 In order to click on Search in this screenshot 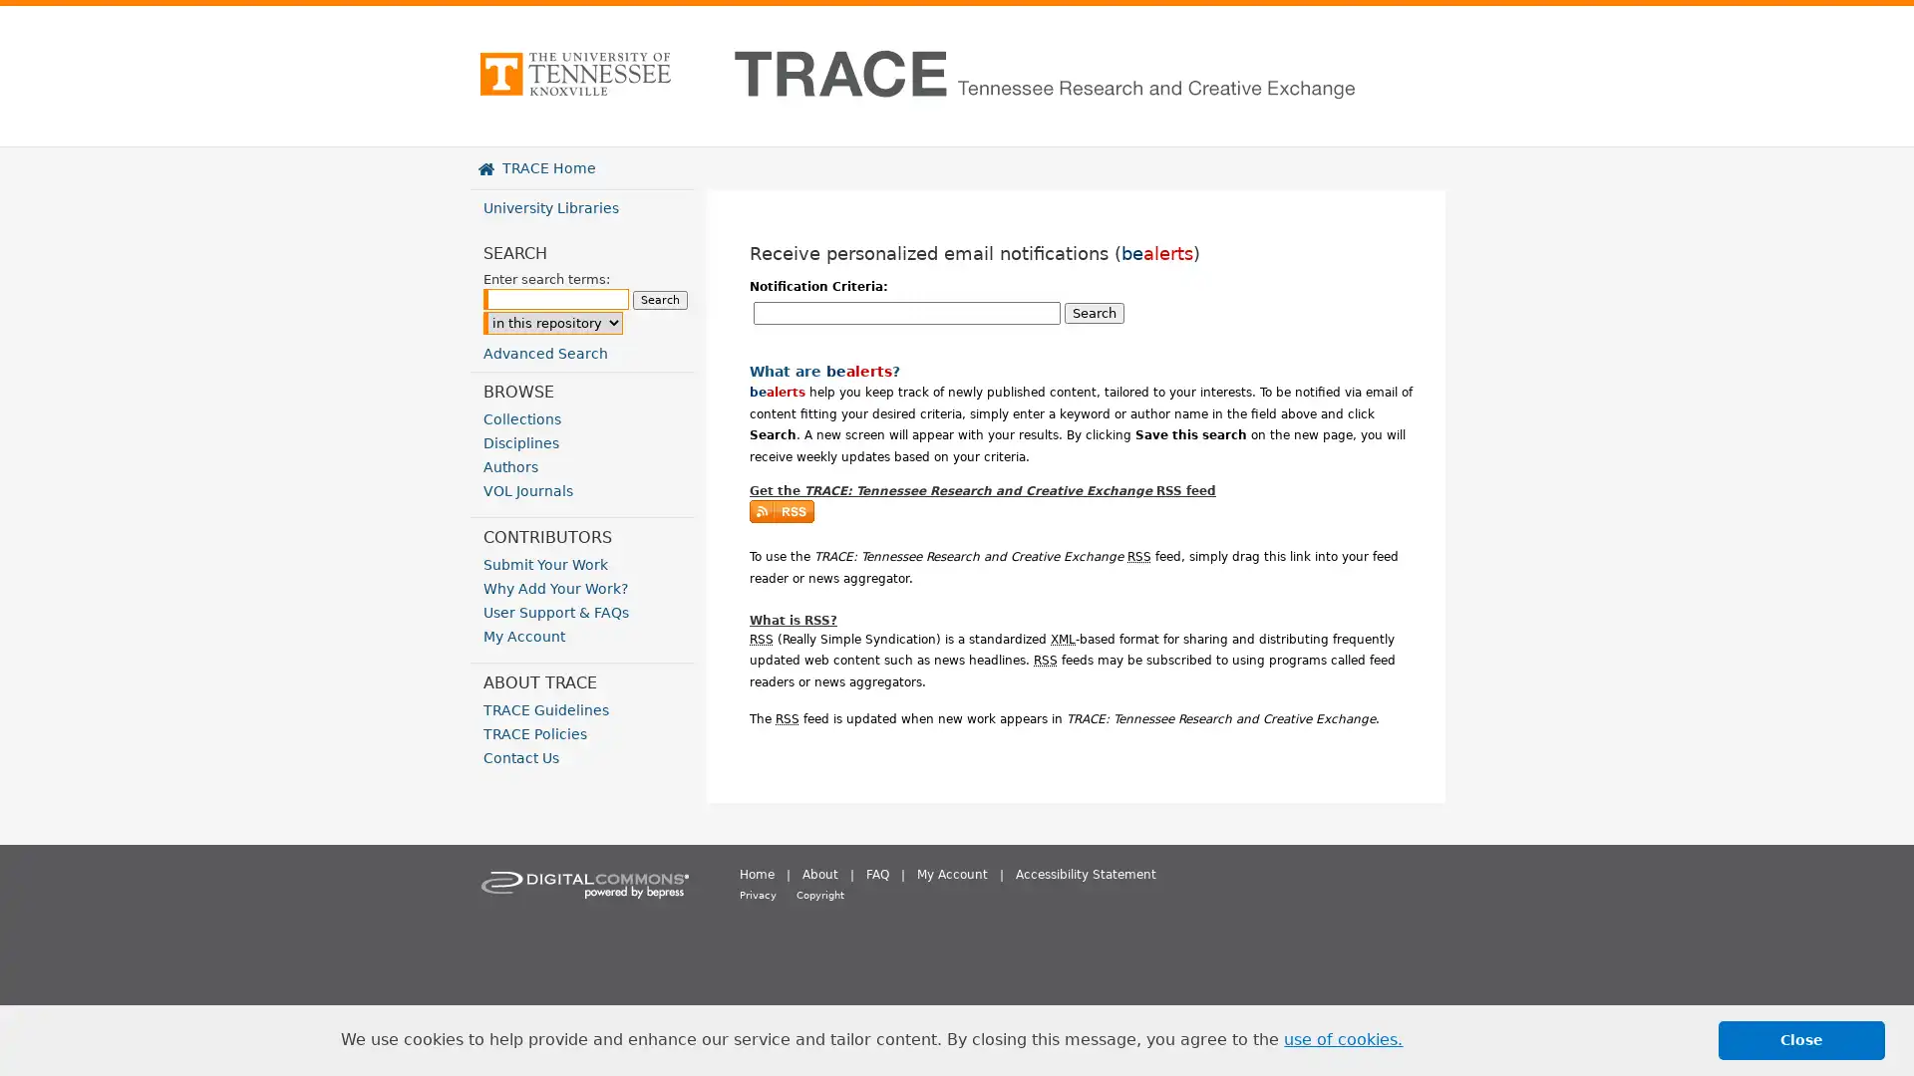, I will do `click(660, 300)`.